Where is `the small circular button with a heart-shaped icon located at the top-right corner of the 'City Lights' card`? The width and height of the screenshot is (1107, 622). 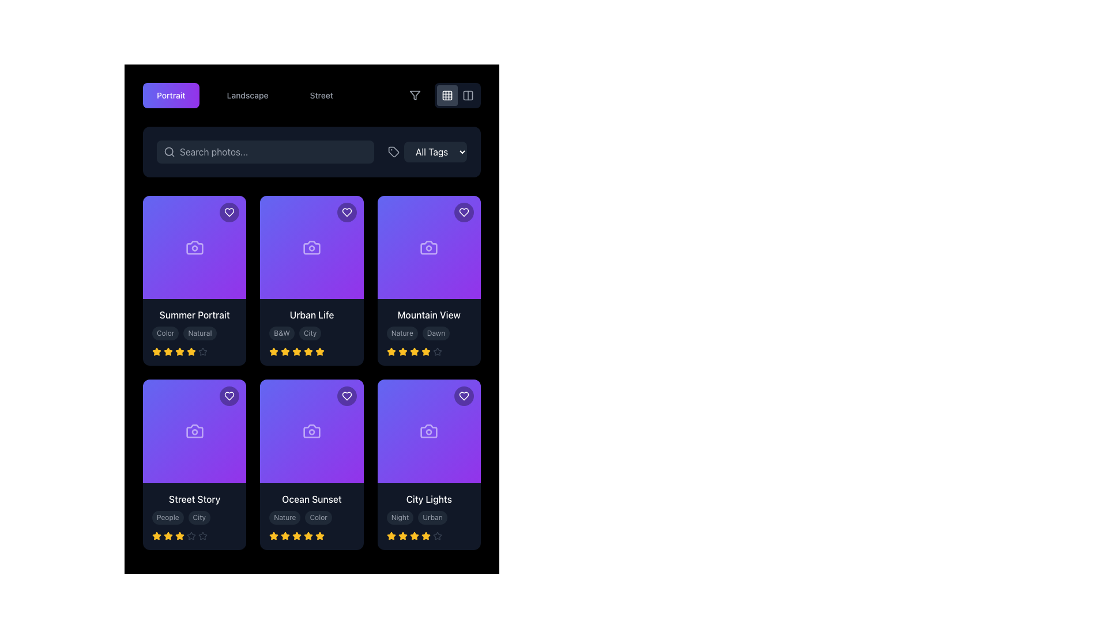
the small circular button with a heart-shaped icon located at the top-right corner of the 'City Lights' card is located at coordinates (464, 396).